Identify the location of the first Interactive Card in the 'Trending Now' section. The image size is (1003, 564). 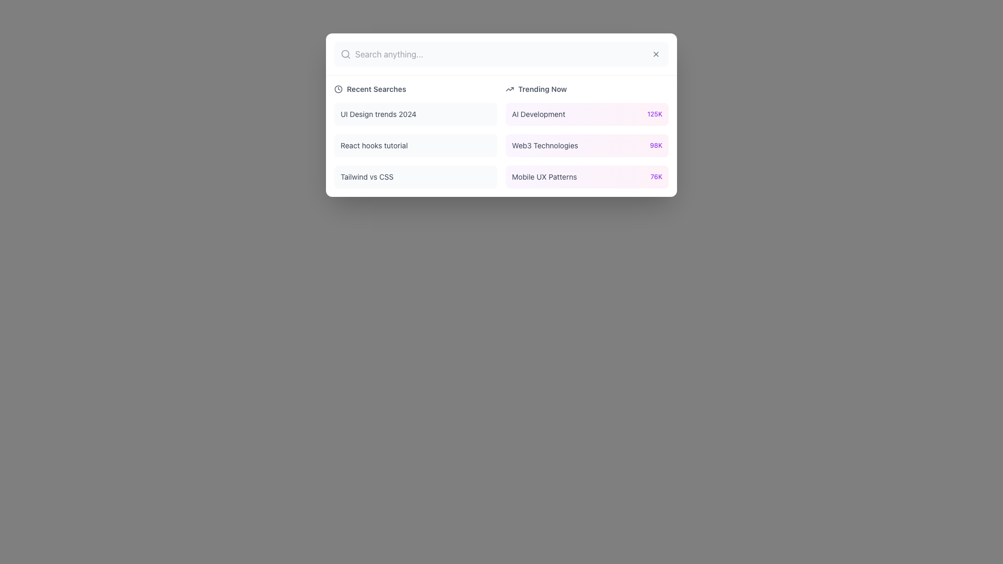
(587, 114).